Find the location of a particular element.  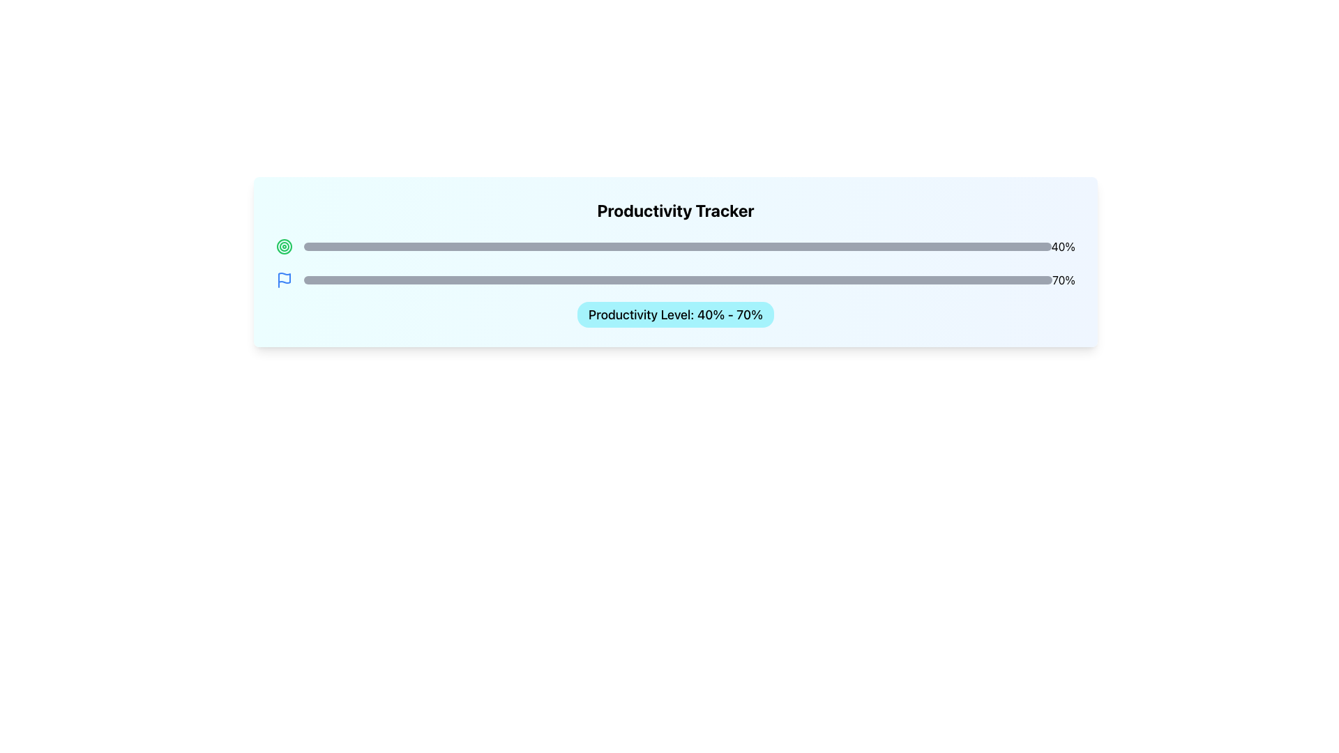

text from the label element displaying 'Productivity Level: 40% - 70%' located at the bottom of the 'Productivity Tracker' card is located at coordinates (676, 314).